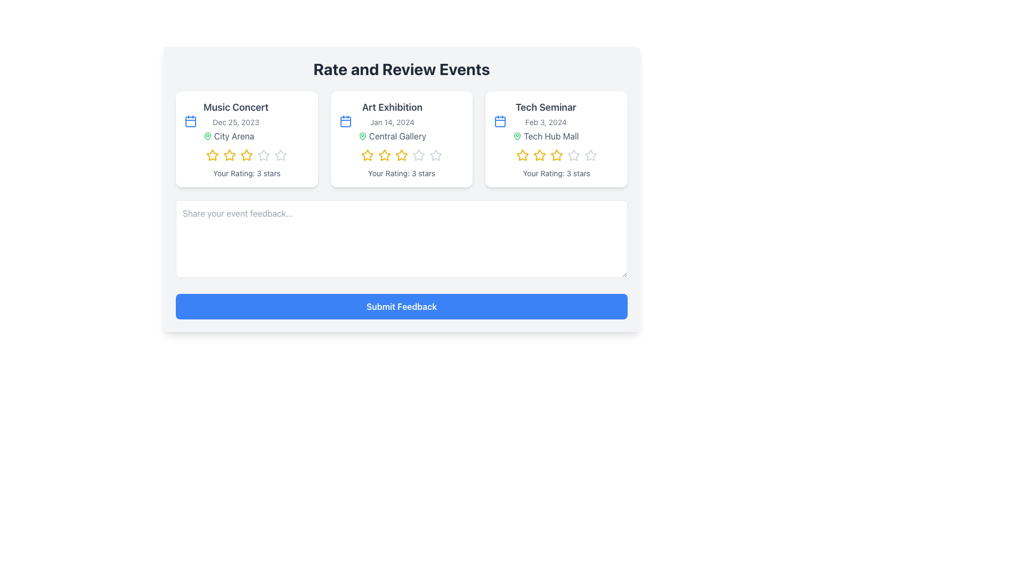 The height and width of the screenshot is (575, 1023). What do you see at coordinates (207, 135) in the screenshot?
I see `the green map pin icon located before the text 'City Arena' under the heading 'Music Concert' in the first card of the 'Rate and Review Events' section` at bounding box center [207, 135].